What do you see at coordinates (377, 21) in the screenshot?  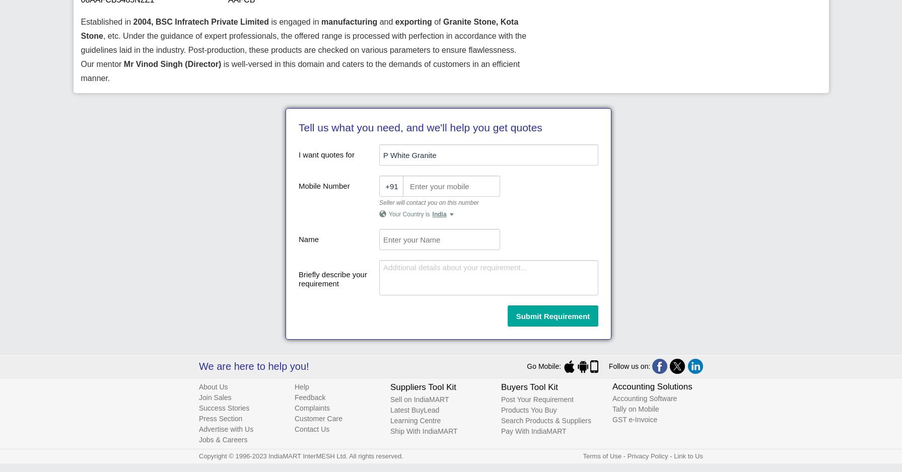 I see `'and'` at bounding box center [377, 21].